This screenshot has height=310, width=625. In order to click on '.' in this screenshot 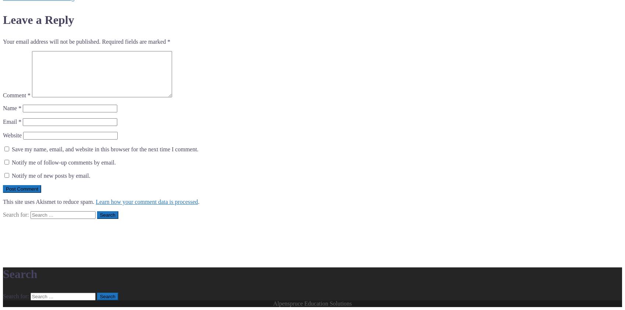, I will do `click(198, 202)`.